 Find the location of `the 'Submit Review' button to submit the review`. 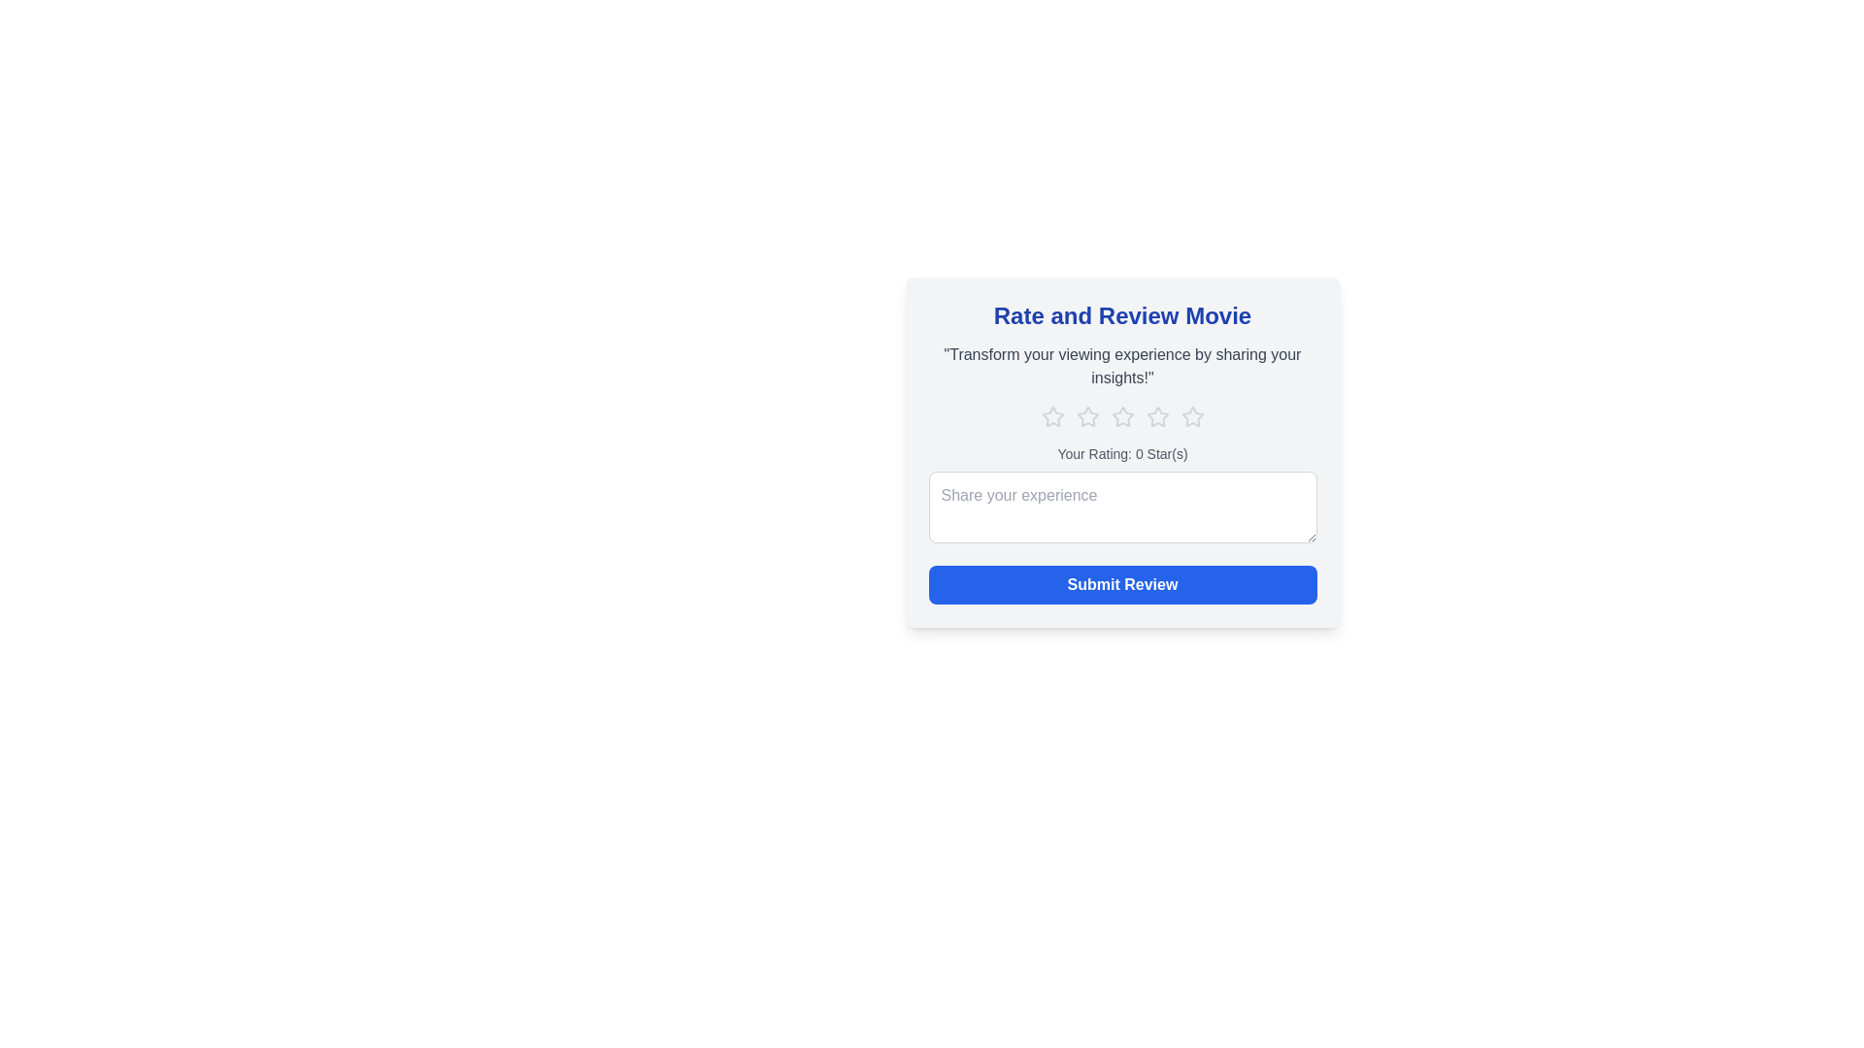

the 'Submit Review' button to submit the review is located at coordinates (1122, 583).